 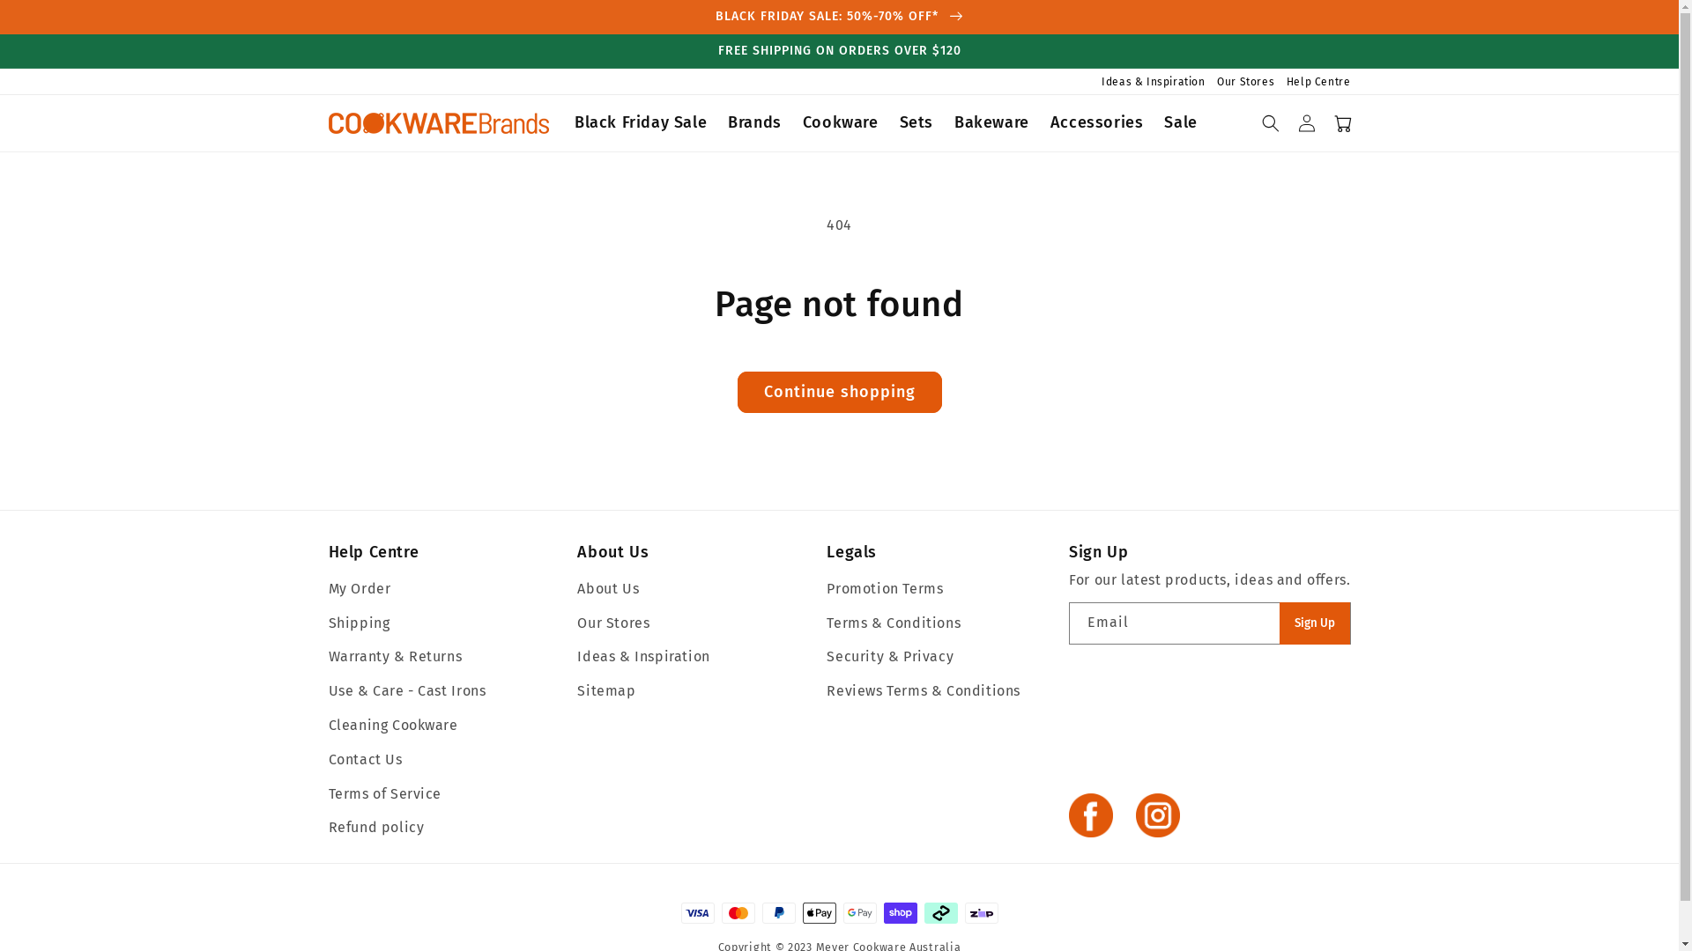 What do you see at coordinates (576, 623) in the screenshot?
I see `'Our Stores'` at bounding box center [576, 623].